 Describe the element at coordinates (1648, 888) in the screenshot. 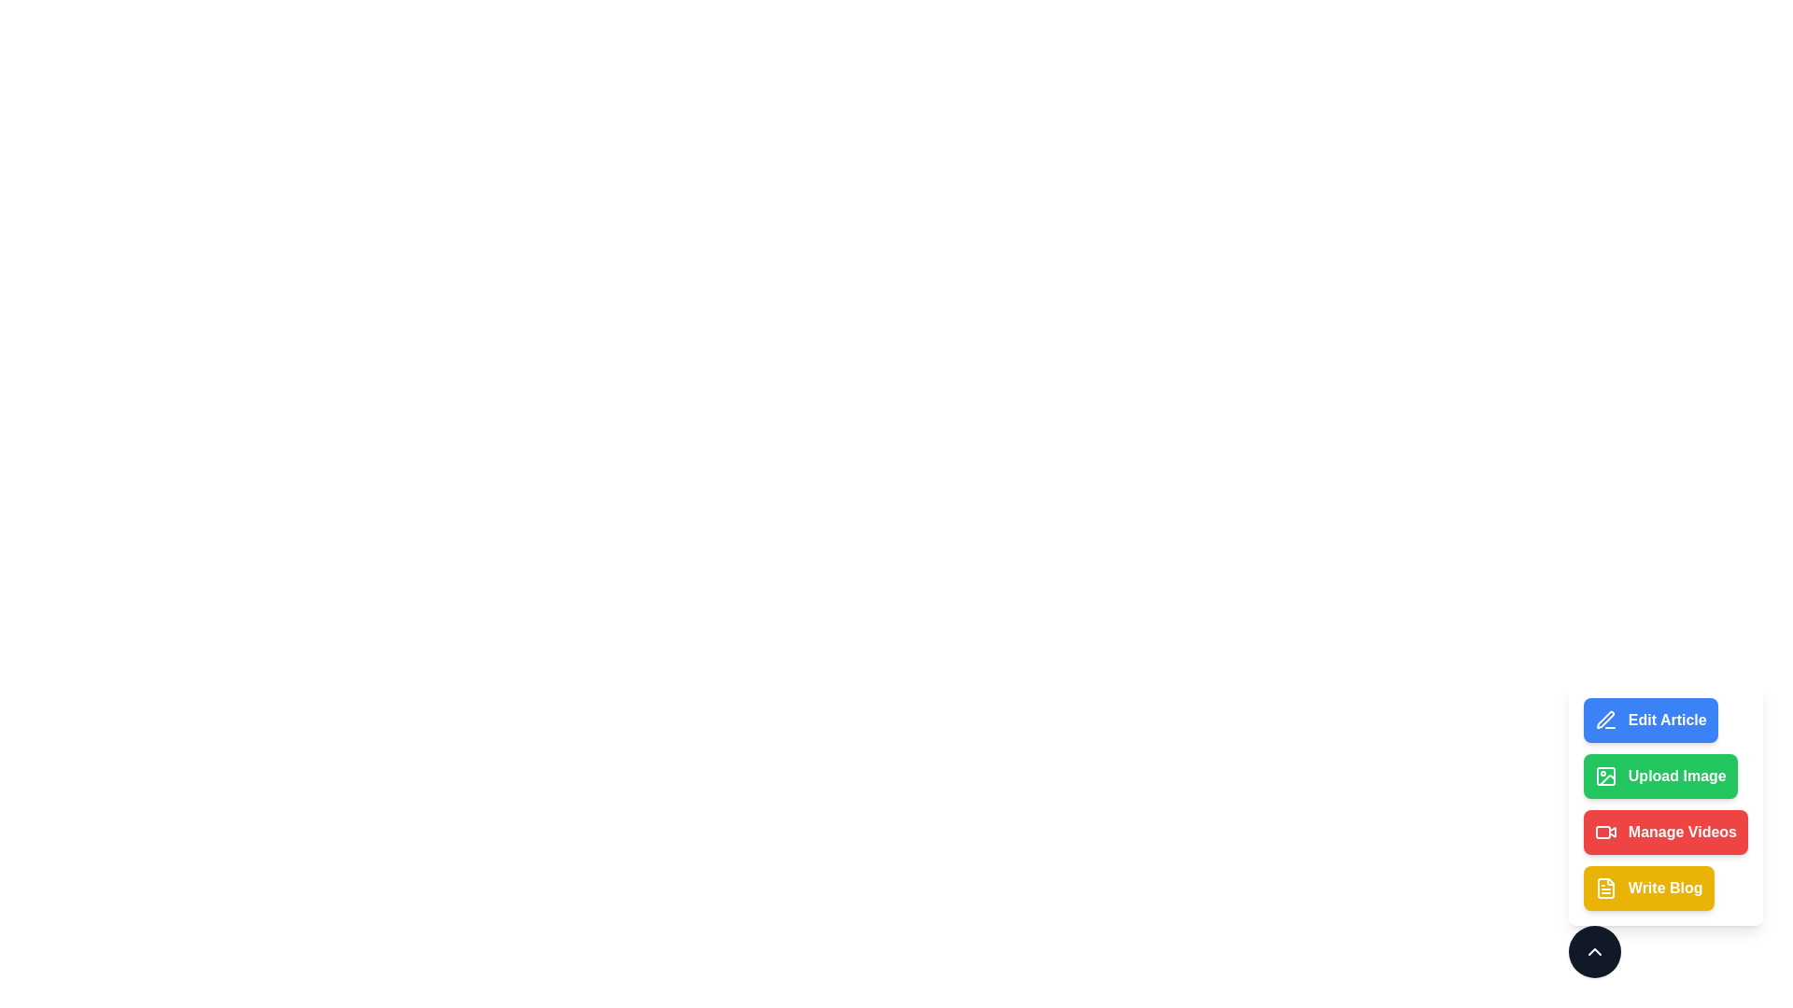

I see `the action Write Blog from the menu` at that location.